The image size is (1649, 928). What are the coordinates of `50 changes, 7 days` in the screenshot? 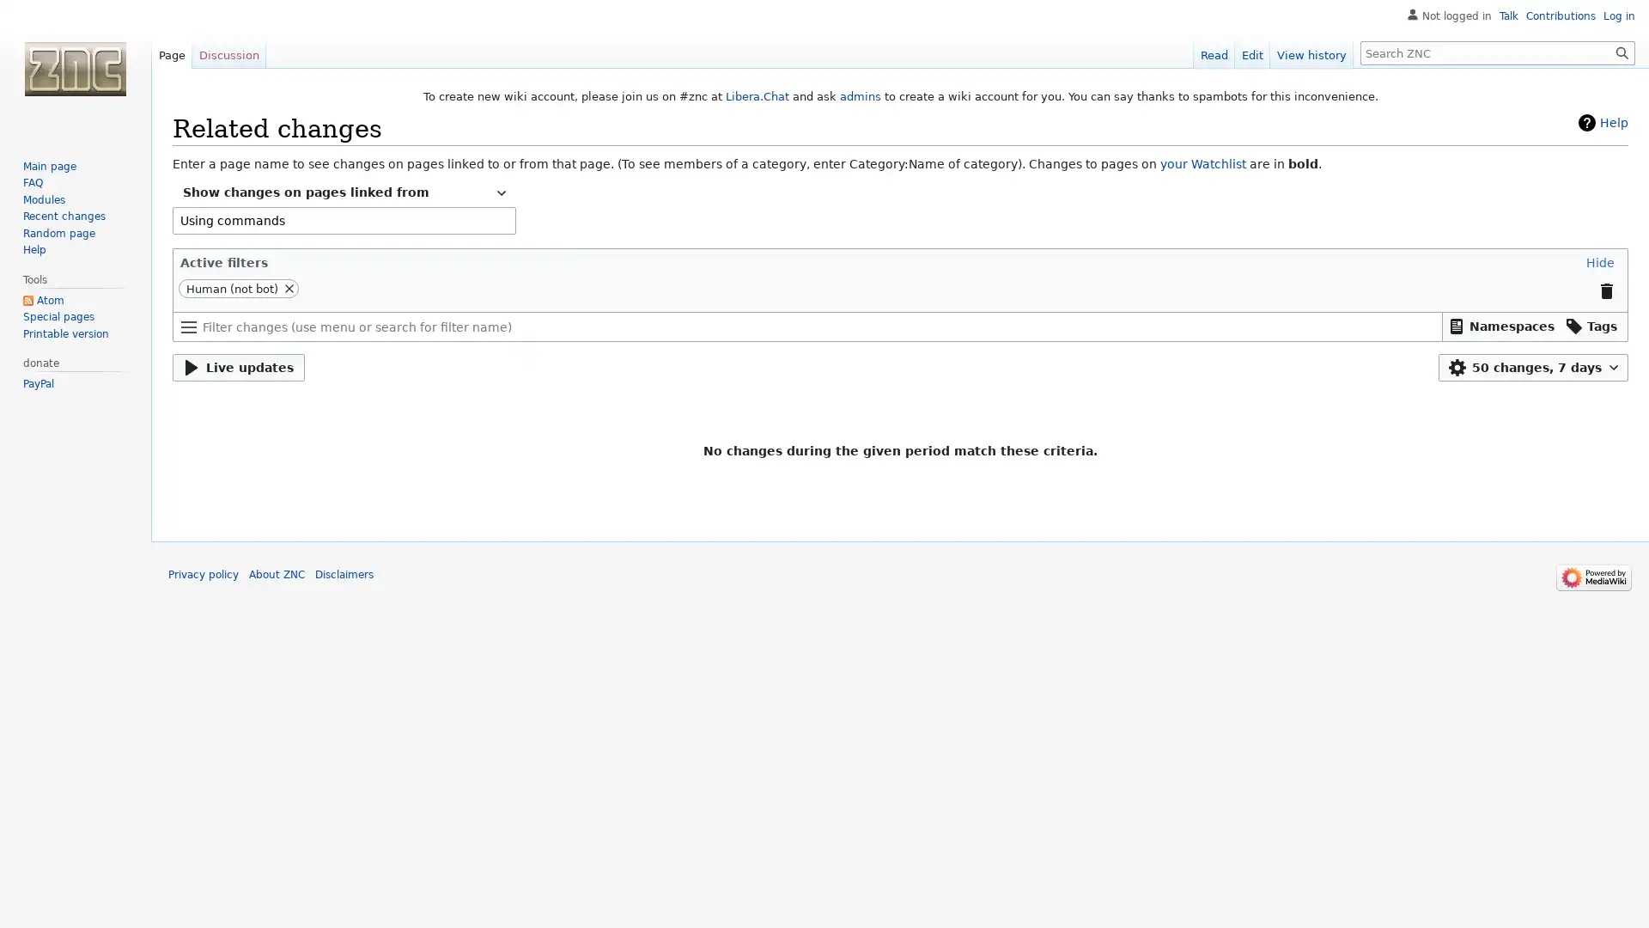 It's located at (1533, 367).